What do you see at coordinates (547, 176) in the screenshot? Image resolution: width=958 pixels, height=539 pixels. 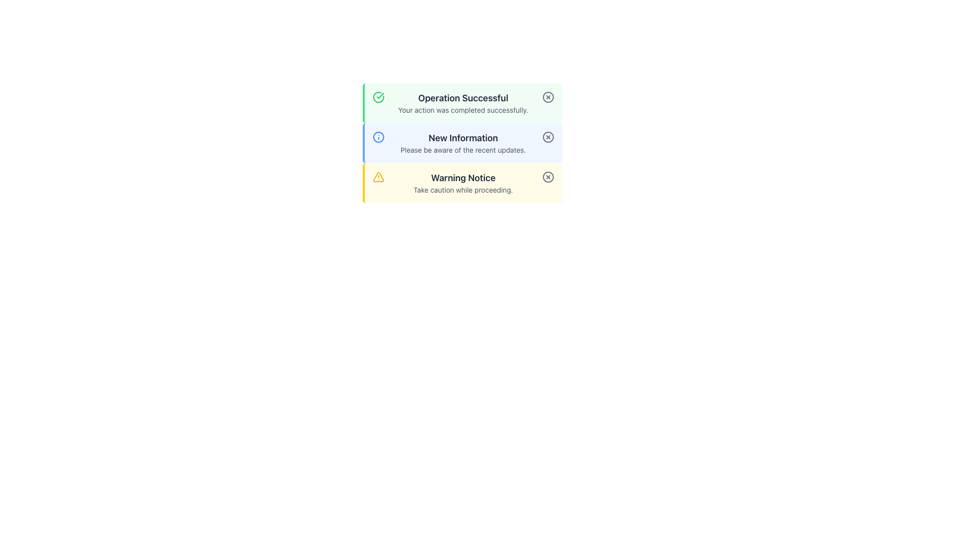 I see `the circular close button icon located at the far right of the 'Warning Notice' message box` at bounding box center [547, 176].